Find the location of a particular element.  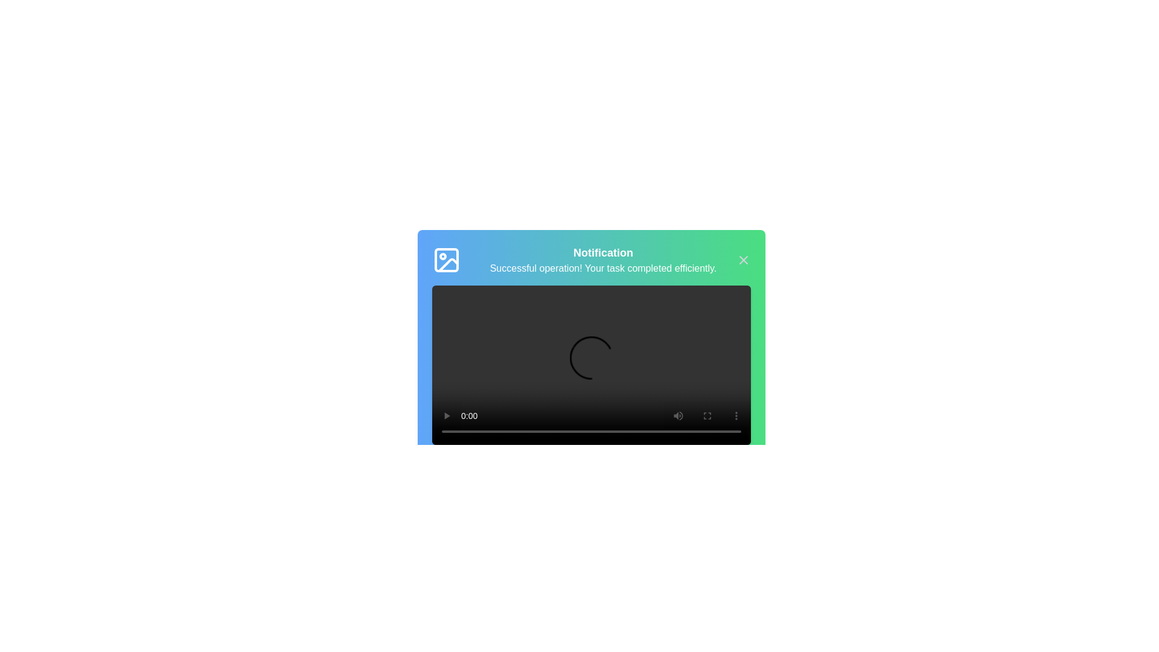

the notification text to select it for copying is located at coordinates (603, 267).